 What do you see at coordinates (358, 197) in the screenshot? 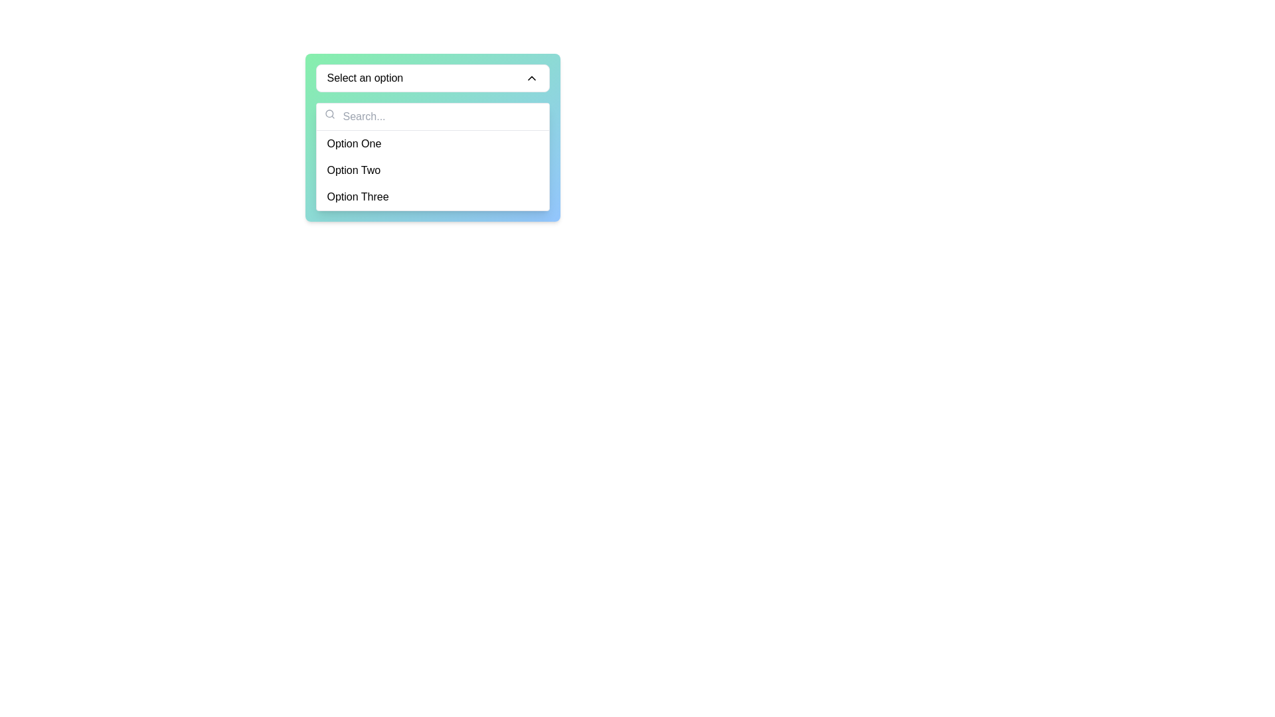
I see `the text 'Option Three' in the dropdown menu` at bounding box center [358, 197].